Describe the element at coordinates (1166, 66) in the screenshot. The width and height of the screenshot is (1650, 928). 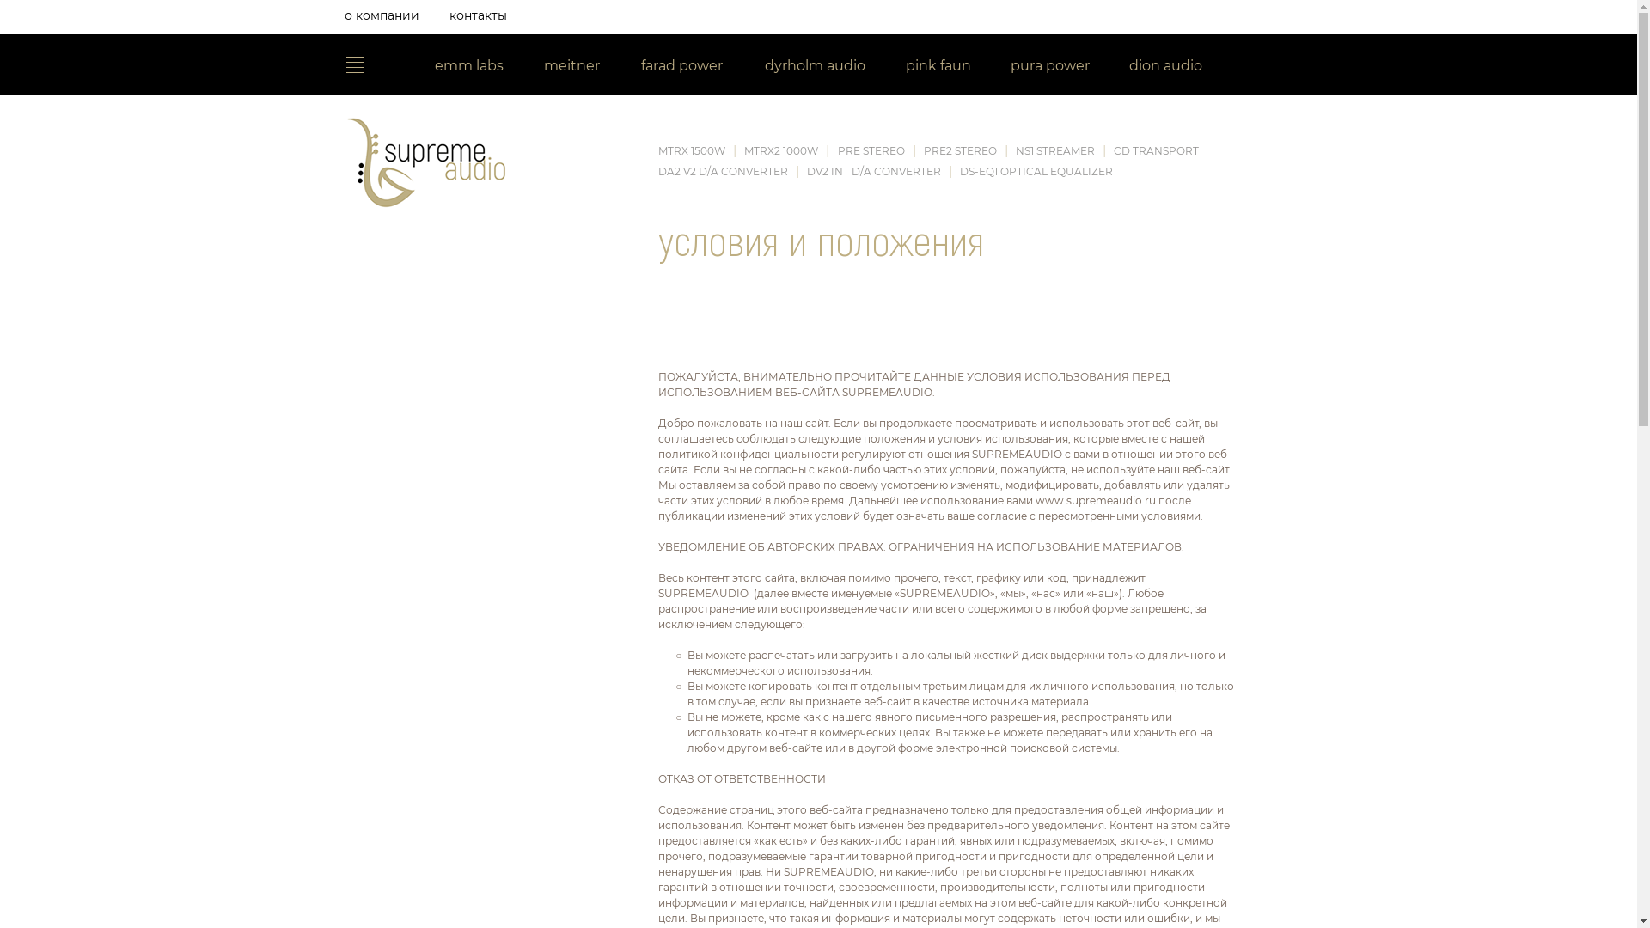
I see `'dion audio'` at that location.